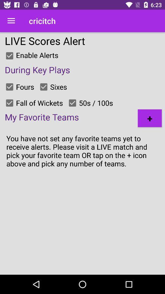  Describe the element at coordinates (43, 86) in the screenshot. I see `checks a box` at that location.